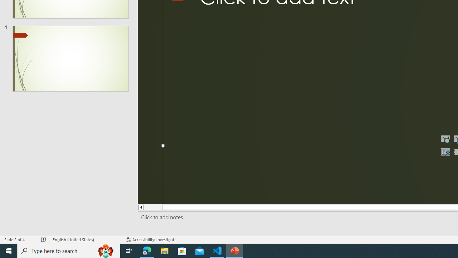 The width and height of the screenshot is (458, 258). What do you see at coordinates (445, 139) in the screenshot?
I see `'Stock Images'` at bounding box center [445, 139].